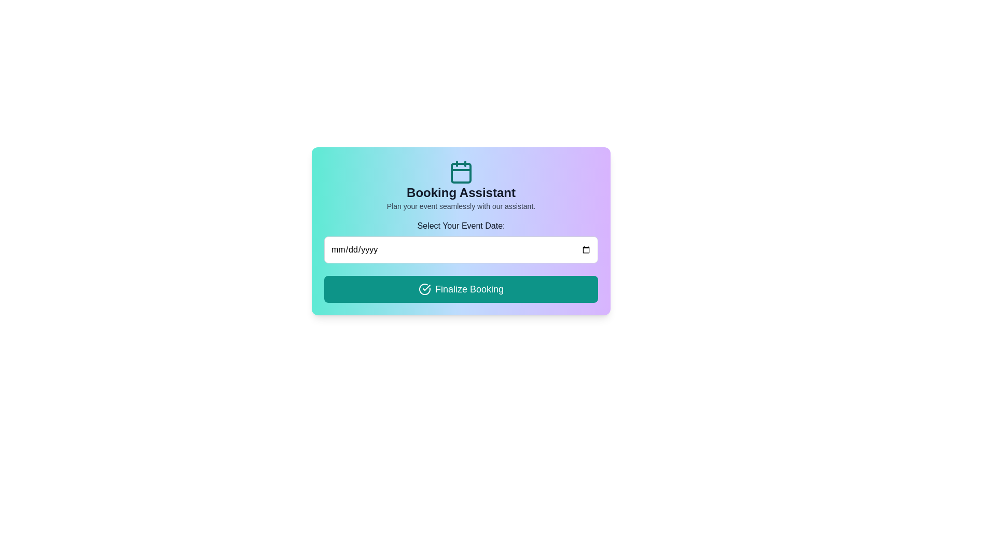  I want to click on the Decorative Icon within the 'Finalize Booking' button, which indicates successful completion or confirmation, so click(424, 289).